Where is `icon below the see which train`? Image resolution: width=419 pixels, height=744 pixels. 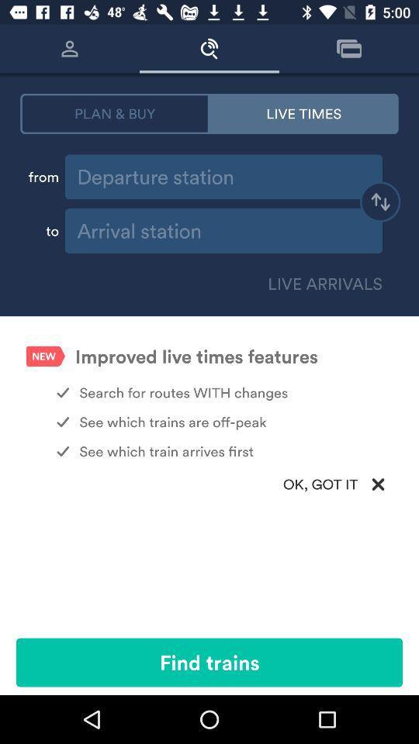 icon below the see which train is located at coordinates (209, 484).